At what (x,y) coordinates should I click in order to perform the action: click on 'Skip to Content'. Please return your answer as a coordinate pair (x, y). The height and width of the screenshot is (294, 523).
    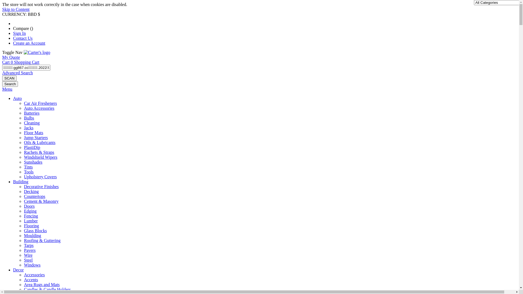
    Looking at the image, I should click on (2, 9).